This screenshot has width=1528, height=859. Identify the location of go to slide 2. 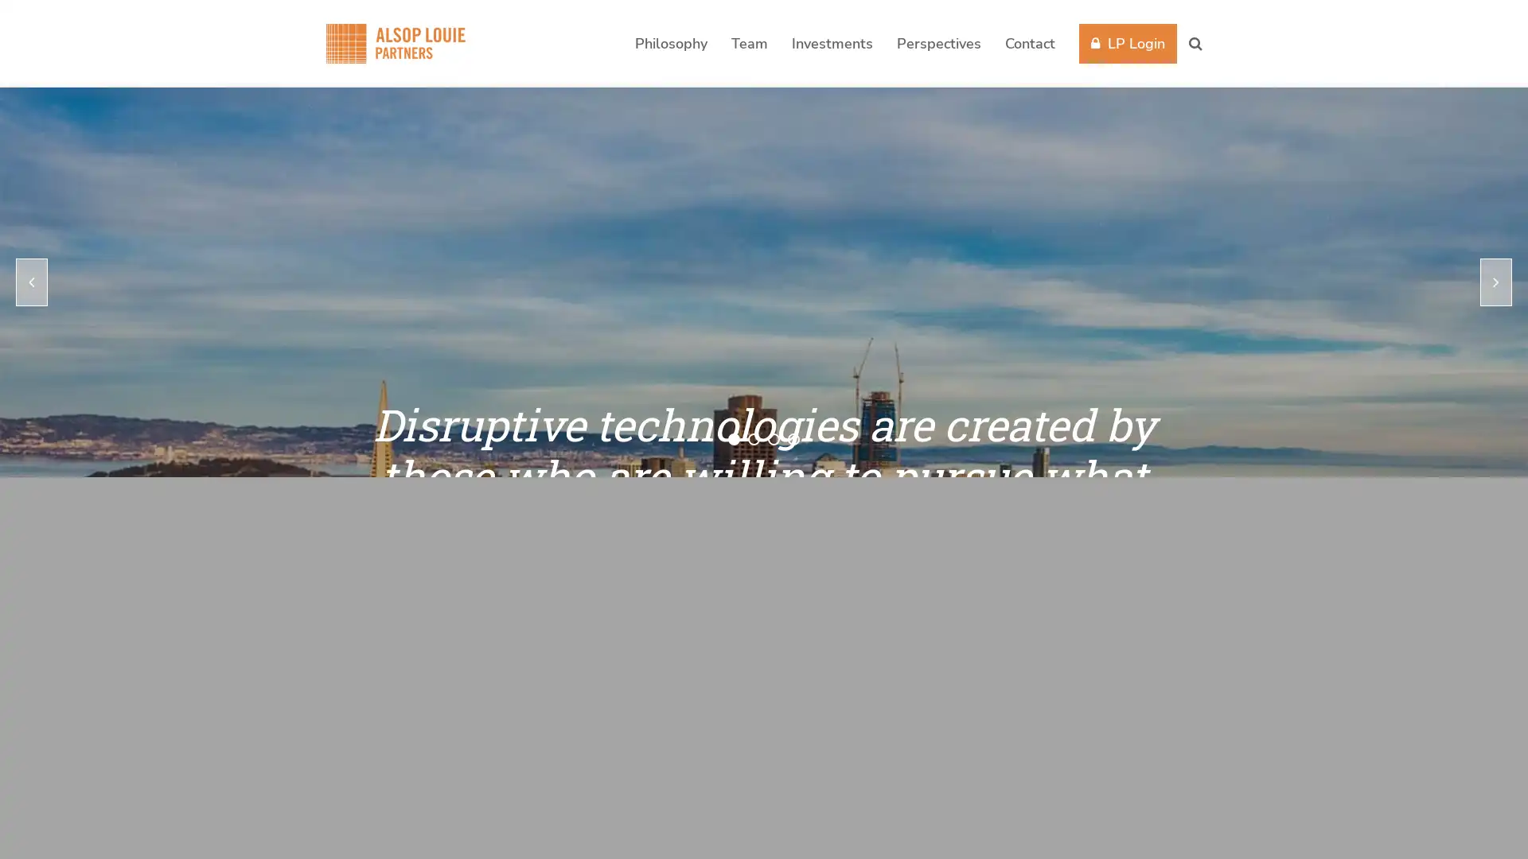
(753, 821).